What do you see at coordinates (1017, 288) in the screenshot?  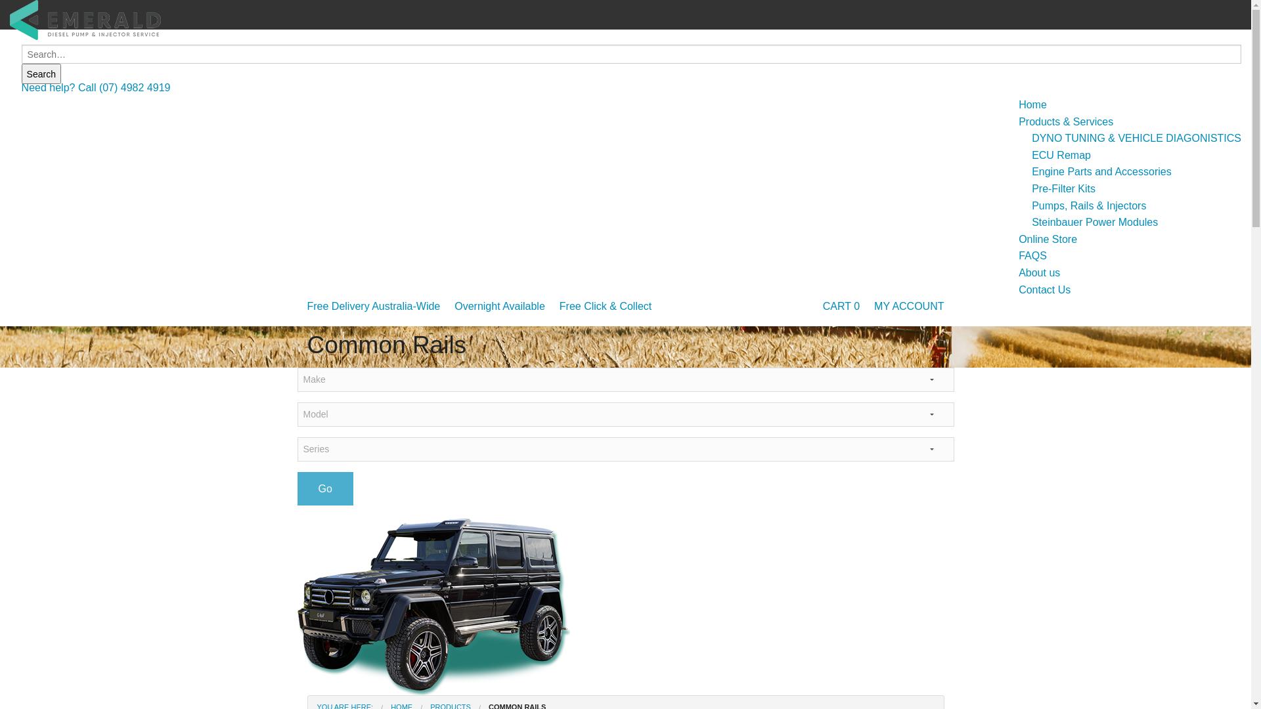 I see `'Contact Us'` at bounding box center [1017, 288].